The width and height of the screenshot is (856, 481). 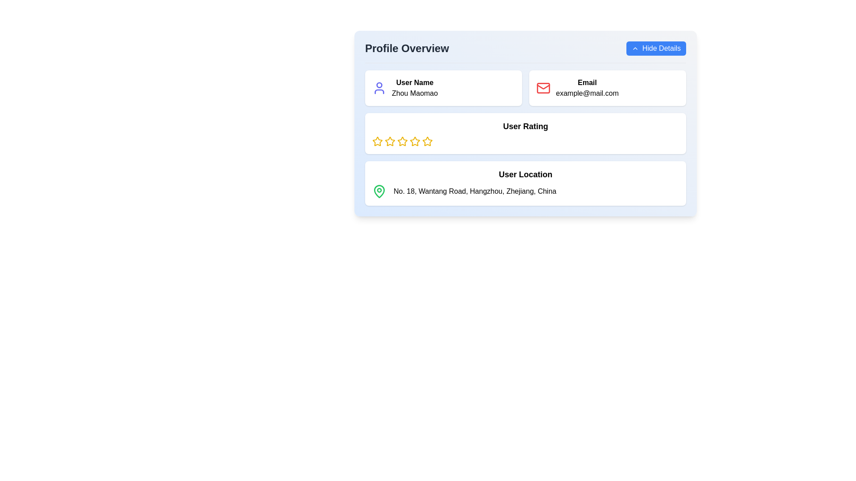 I want to click on the email envelope icon in the profile overview panel, which is located to the right of the 'User Name' section and above the 'User Rating' section, so click(x=543, y=88).